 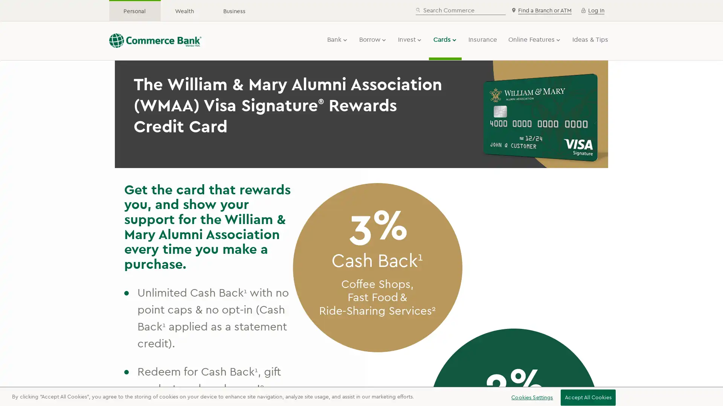 What do you see at coordinates (587, 397) in the screenshot?
I see `Accept All Cookies` at bounding box center [587, 397].